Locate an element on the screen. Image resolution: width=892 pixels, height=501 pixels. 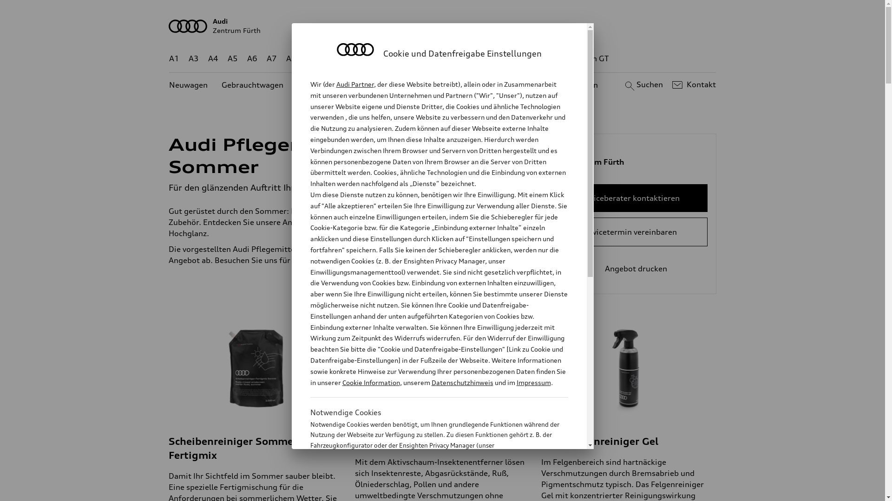
'A3' is located at coordinates (193, 58).